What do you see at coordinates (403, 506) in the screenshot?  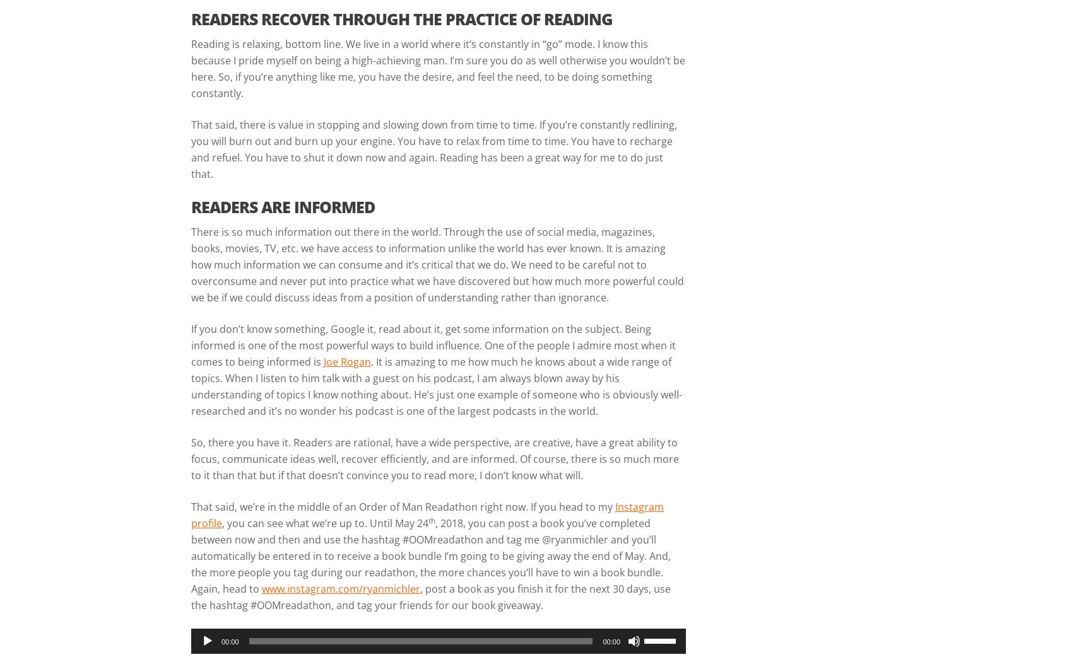 I see `'That said, we’re in the middle of an Order of Man Readathon right now. If you head to my'` at bounding box center [403, 506].